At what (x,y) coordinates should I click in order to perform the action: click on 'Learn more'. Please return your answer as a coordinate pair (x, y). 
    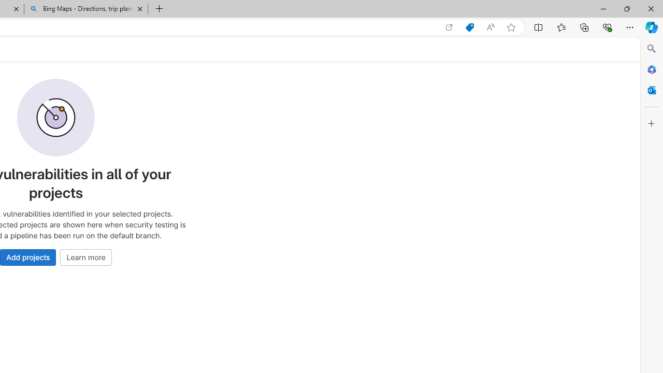
    Looking at the image, I should click on (86, 256).